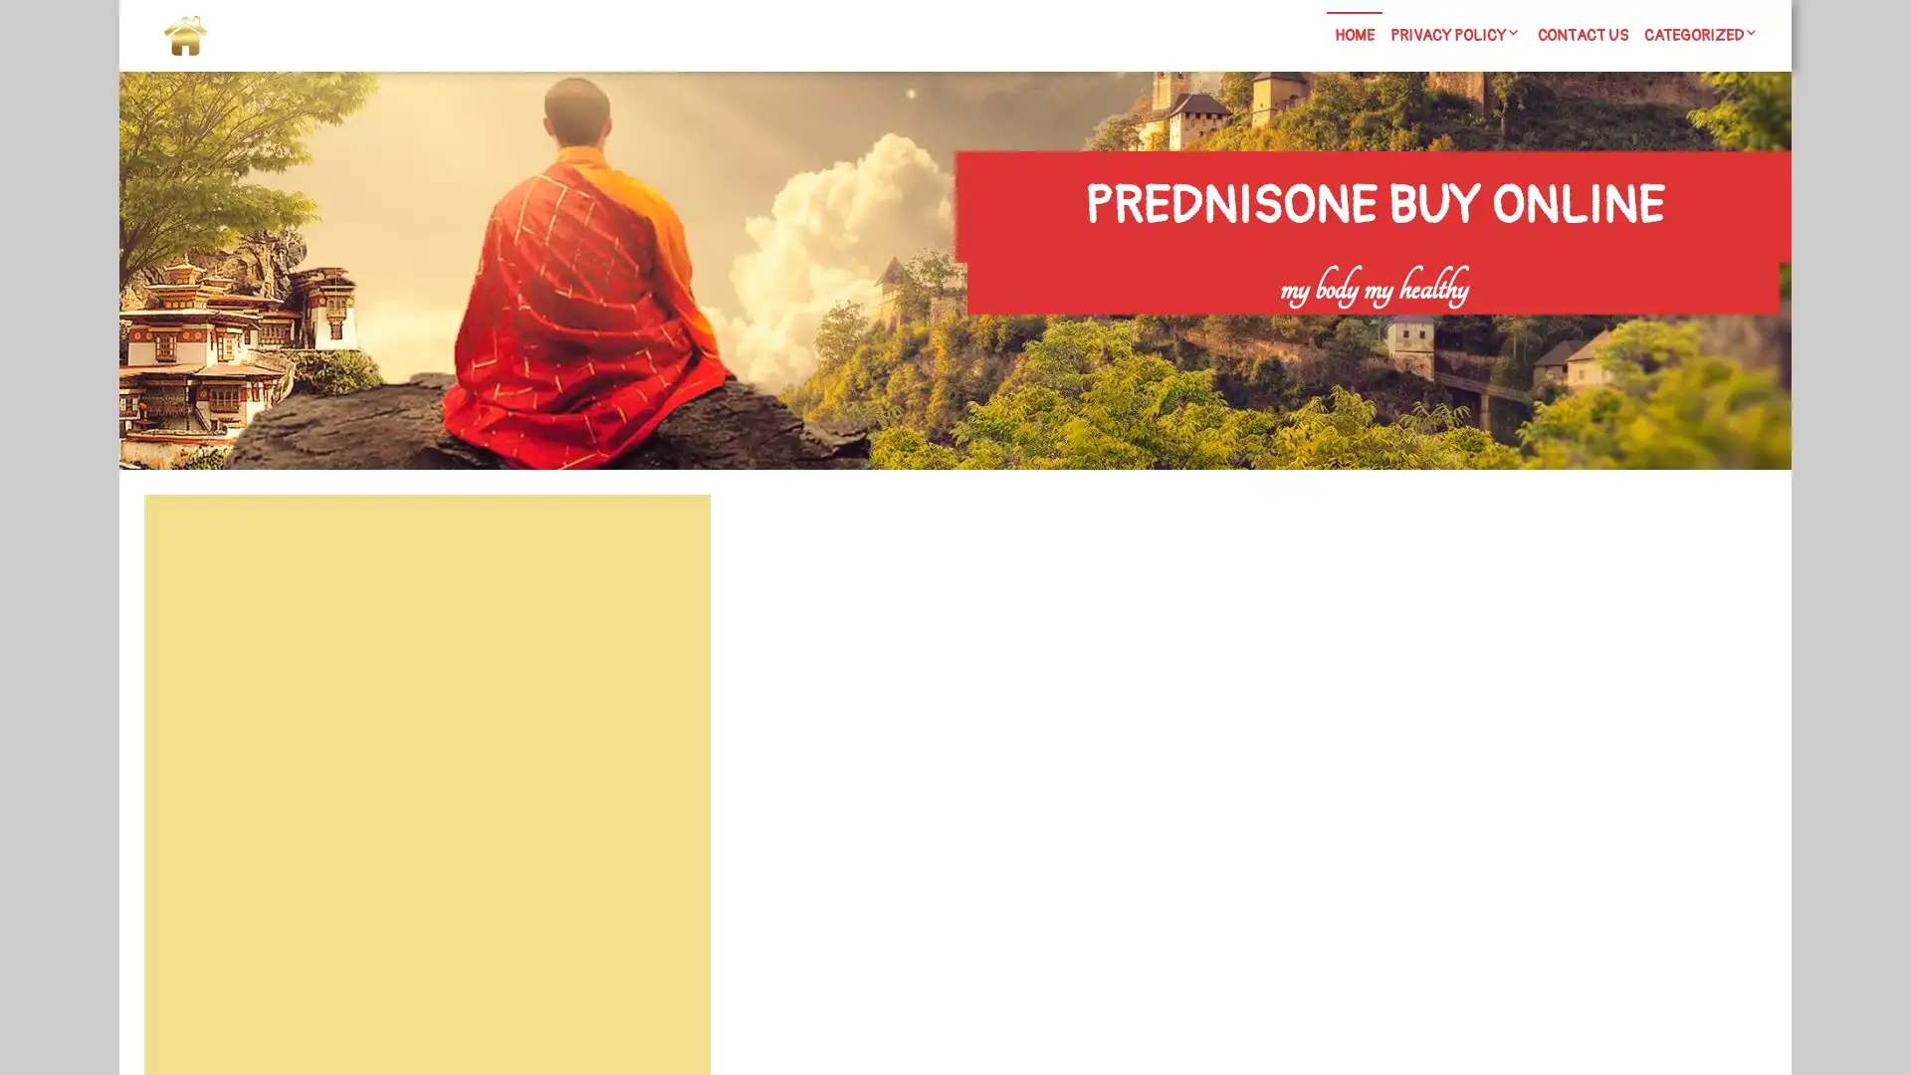  Describe the element at coordinates (664, 542) in the screenshot. I see `Search` at that location.